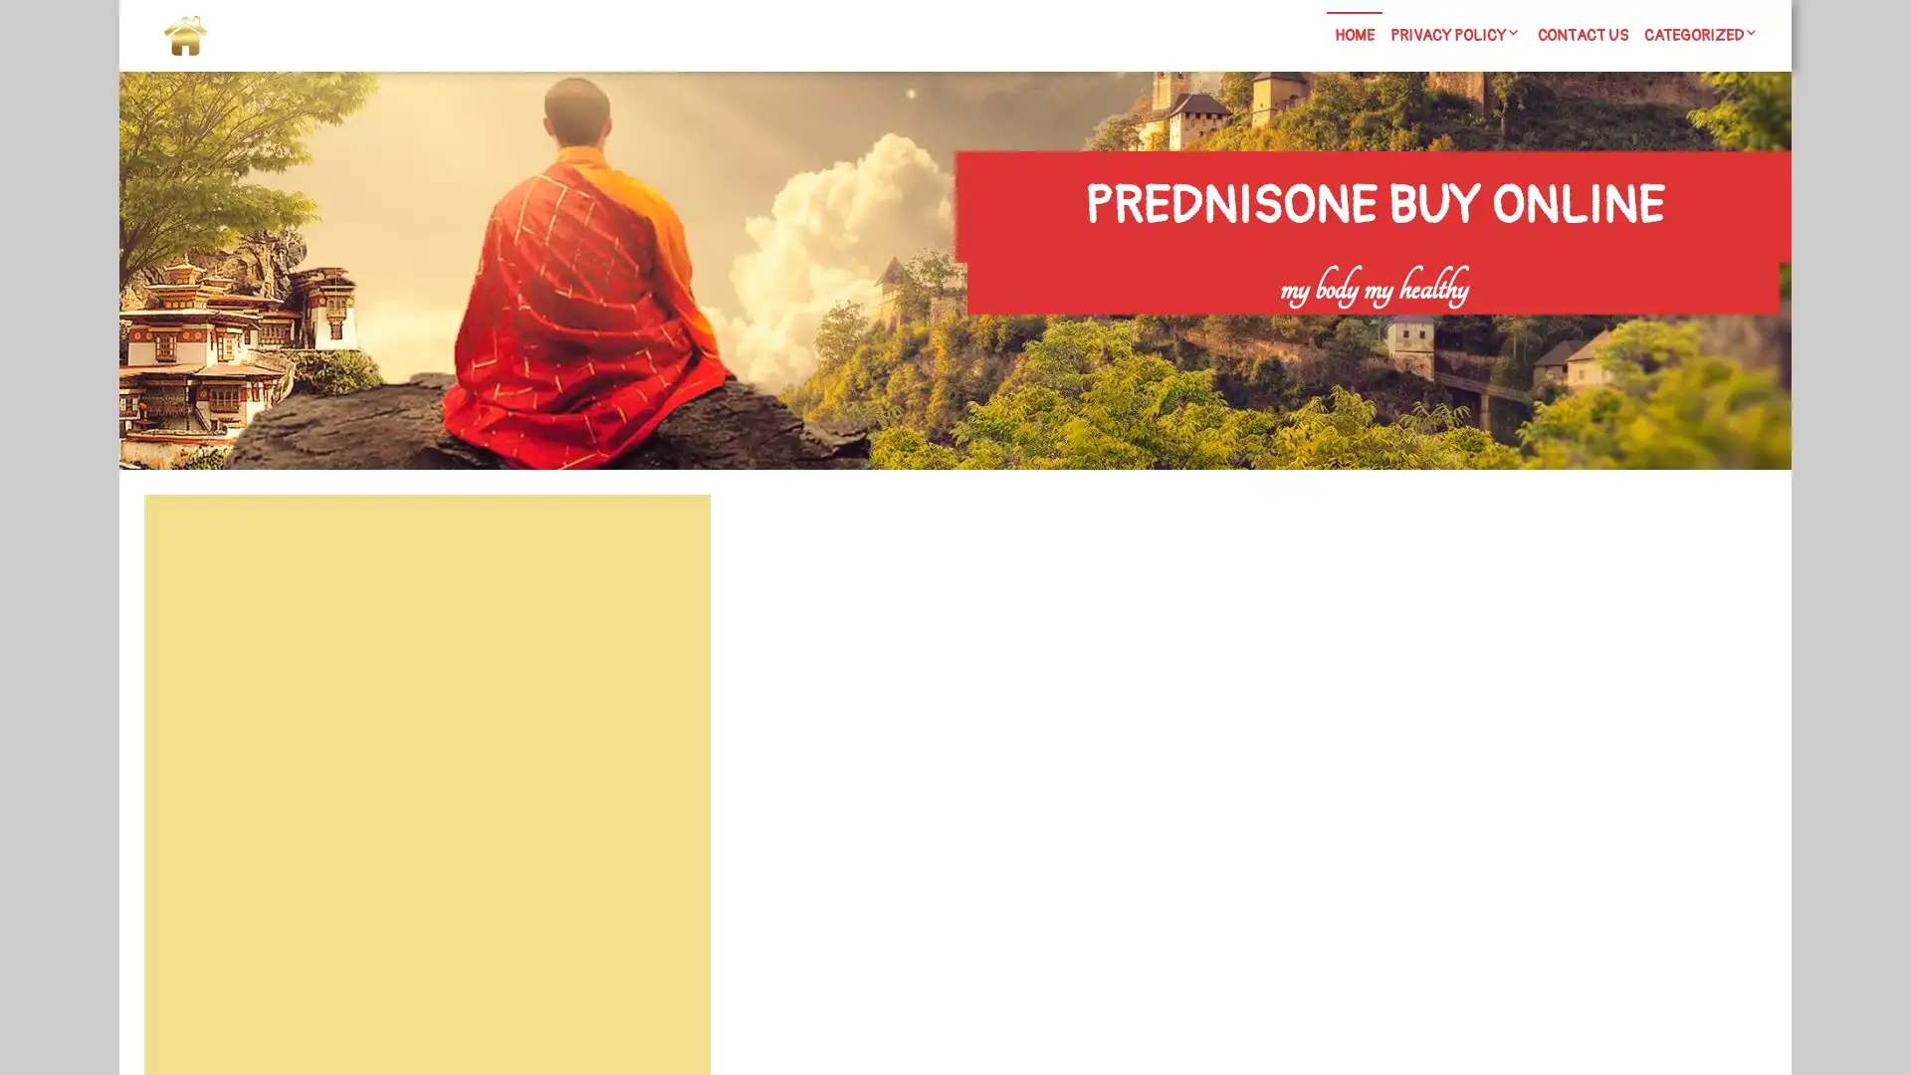  Describe the element at coordinates (664, 542) in the screenshot. I see `Search` at that location.